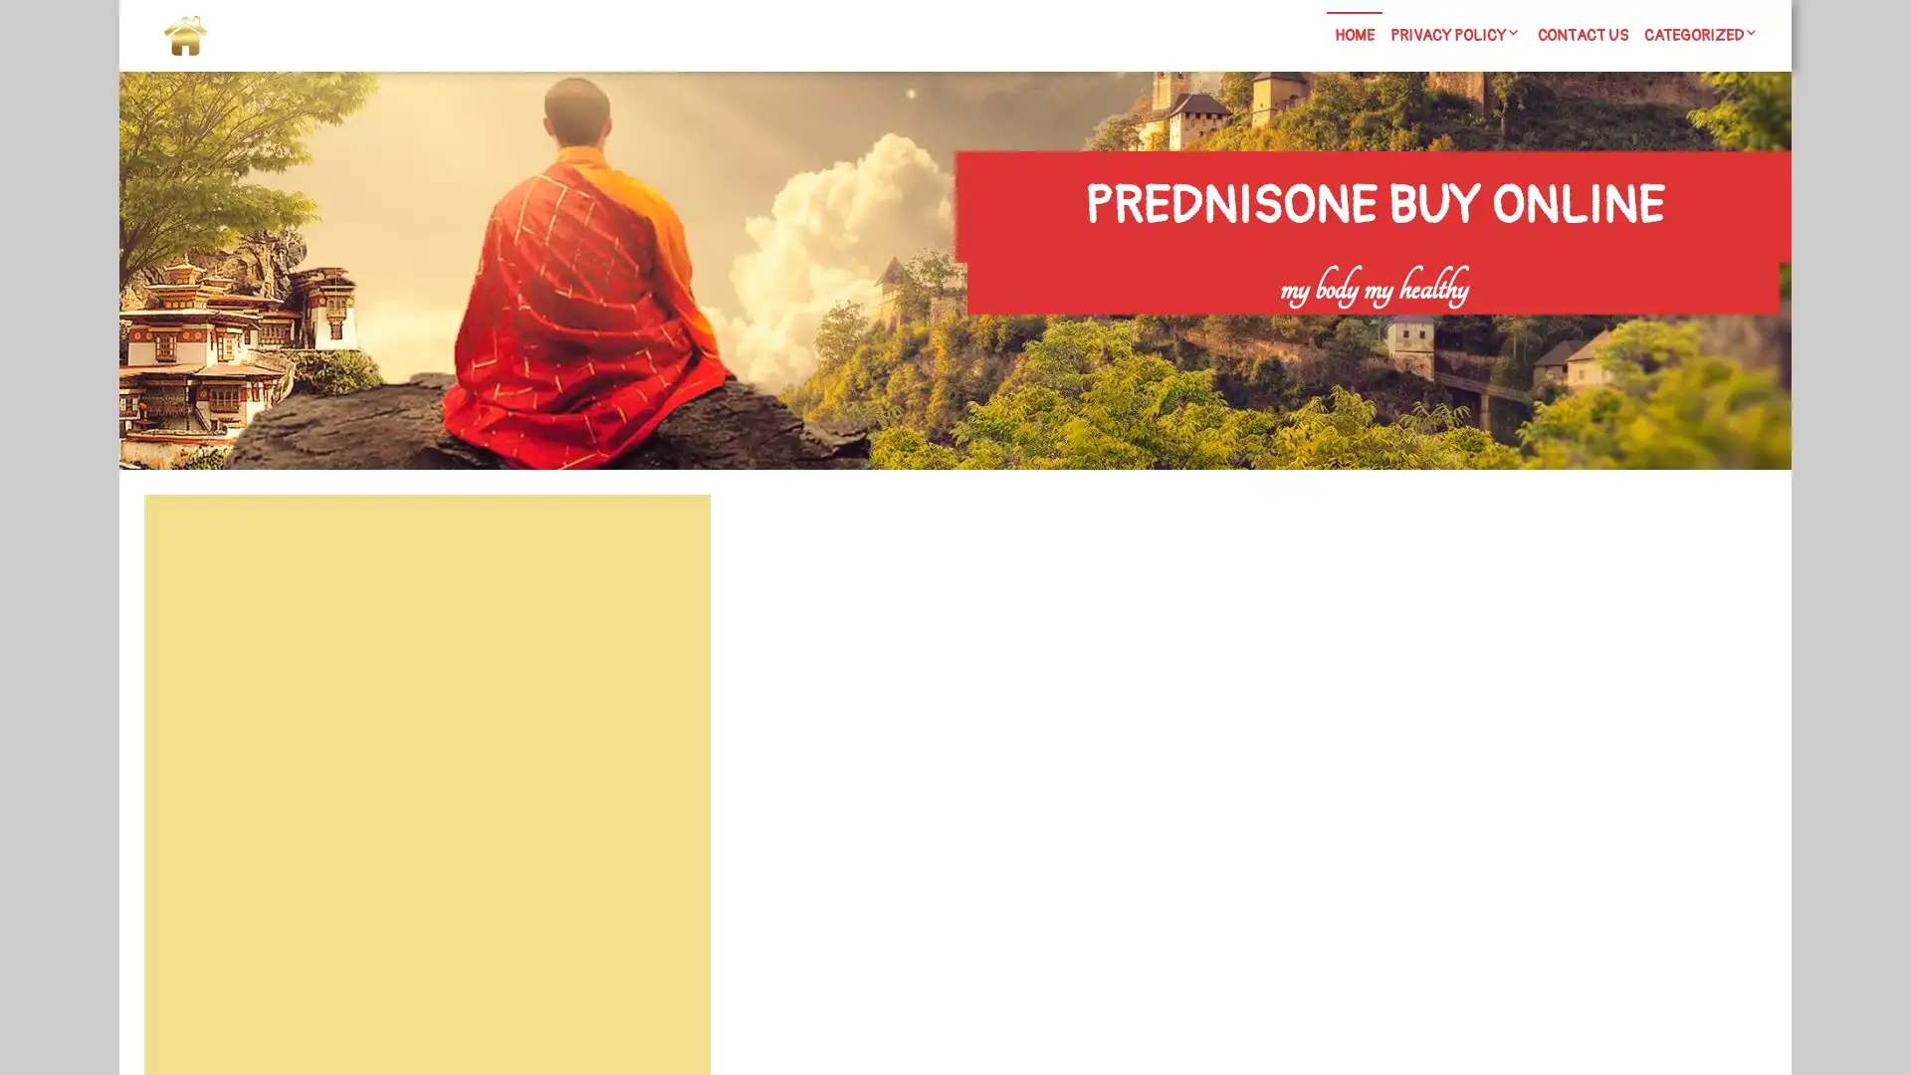  Describe the element at coordinates (664, 542) in the screenshot. I see `Search` at that location.